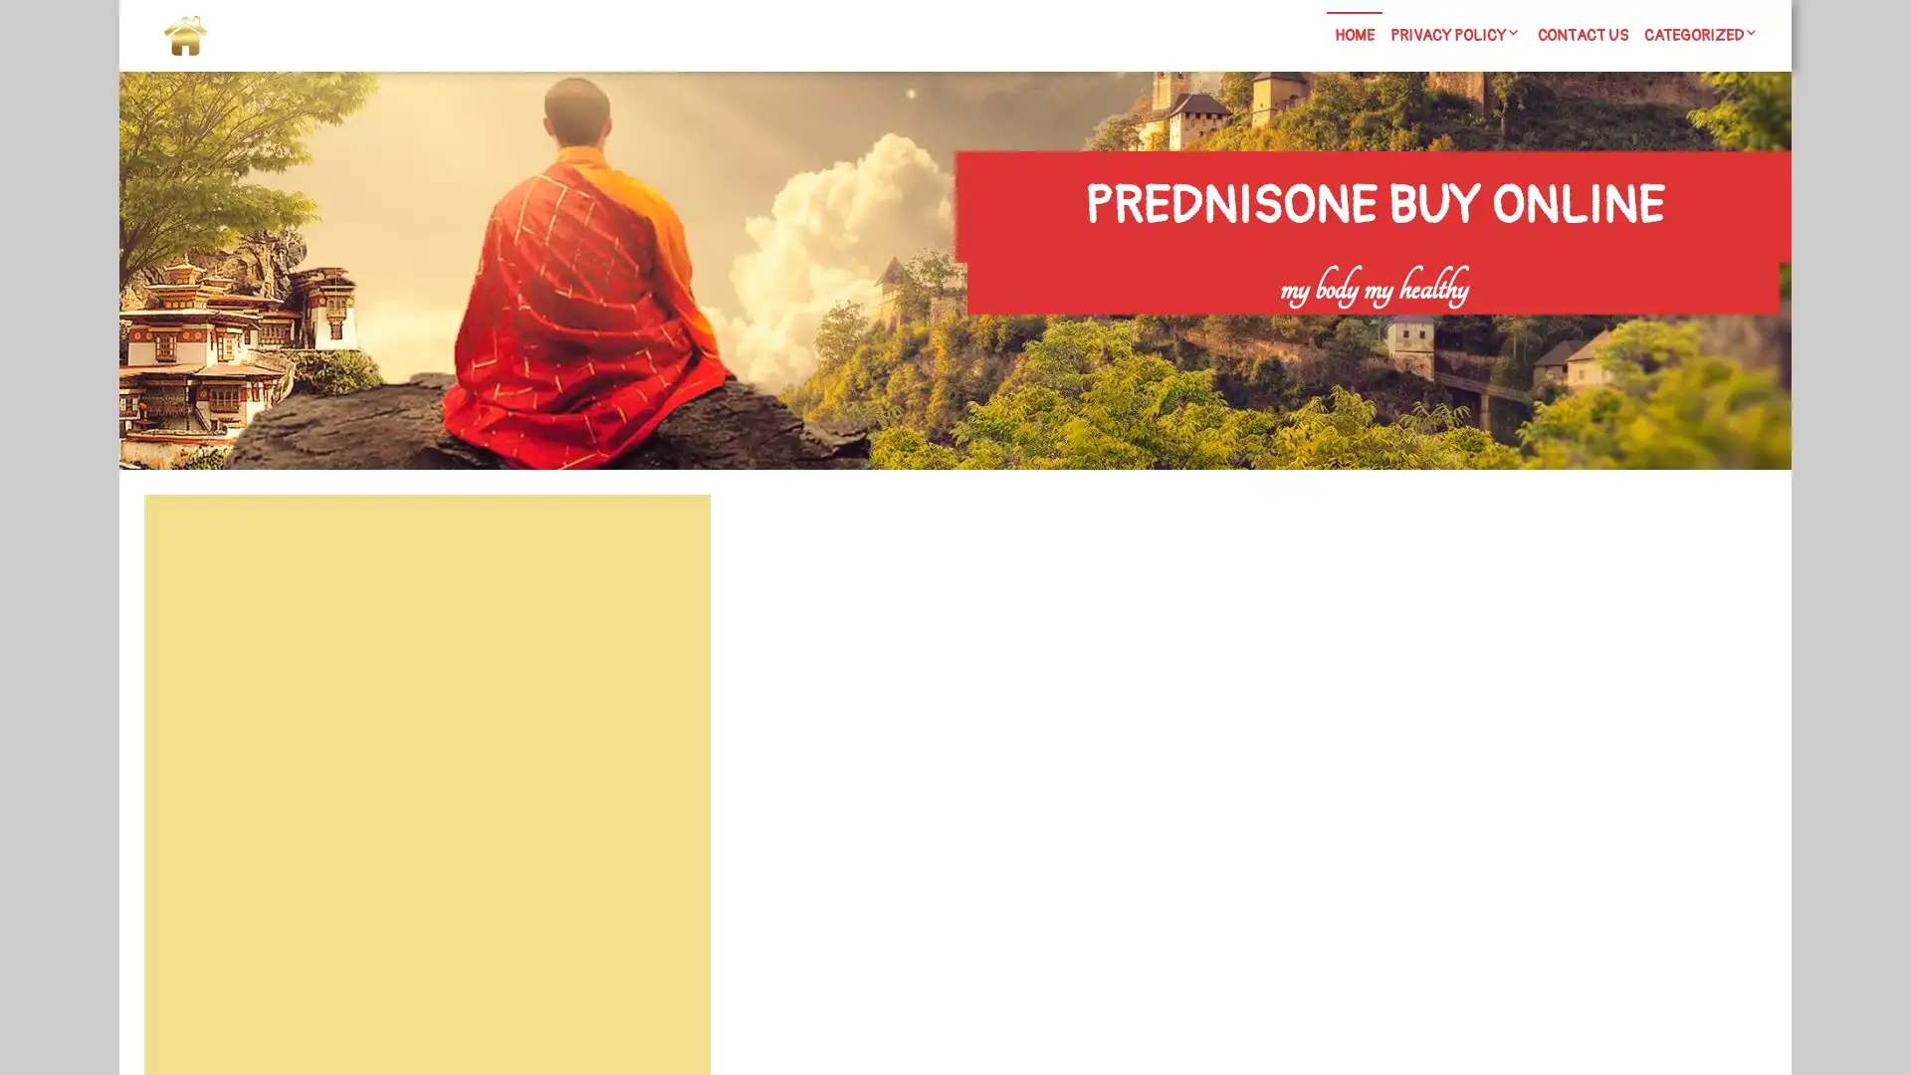  Describe the element at coordinates (664, 542) in the screenshot. I see `Search` at that location.